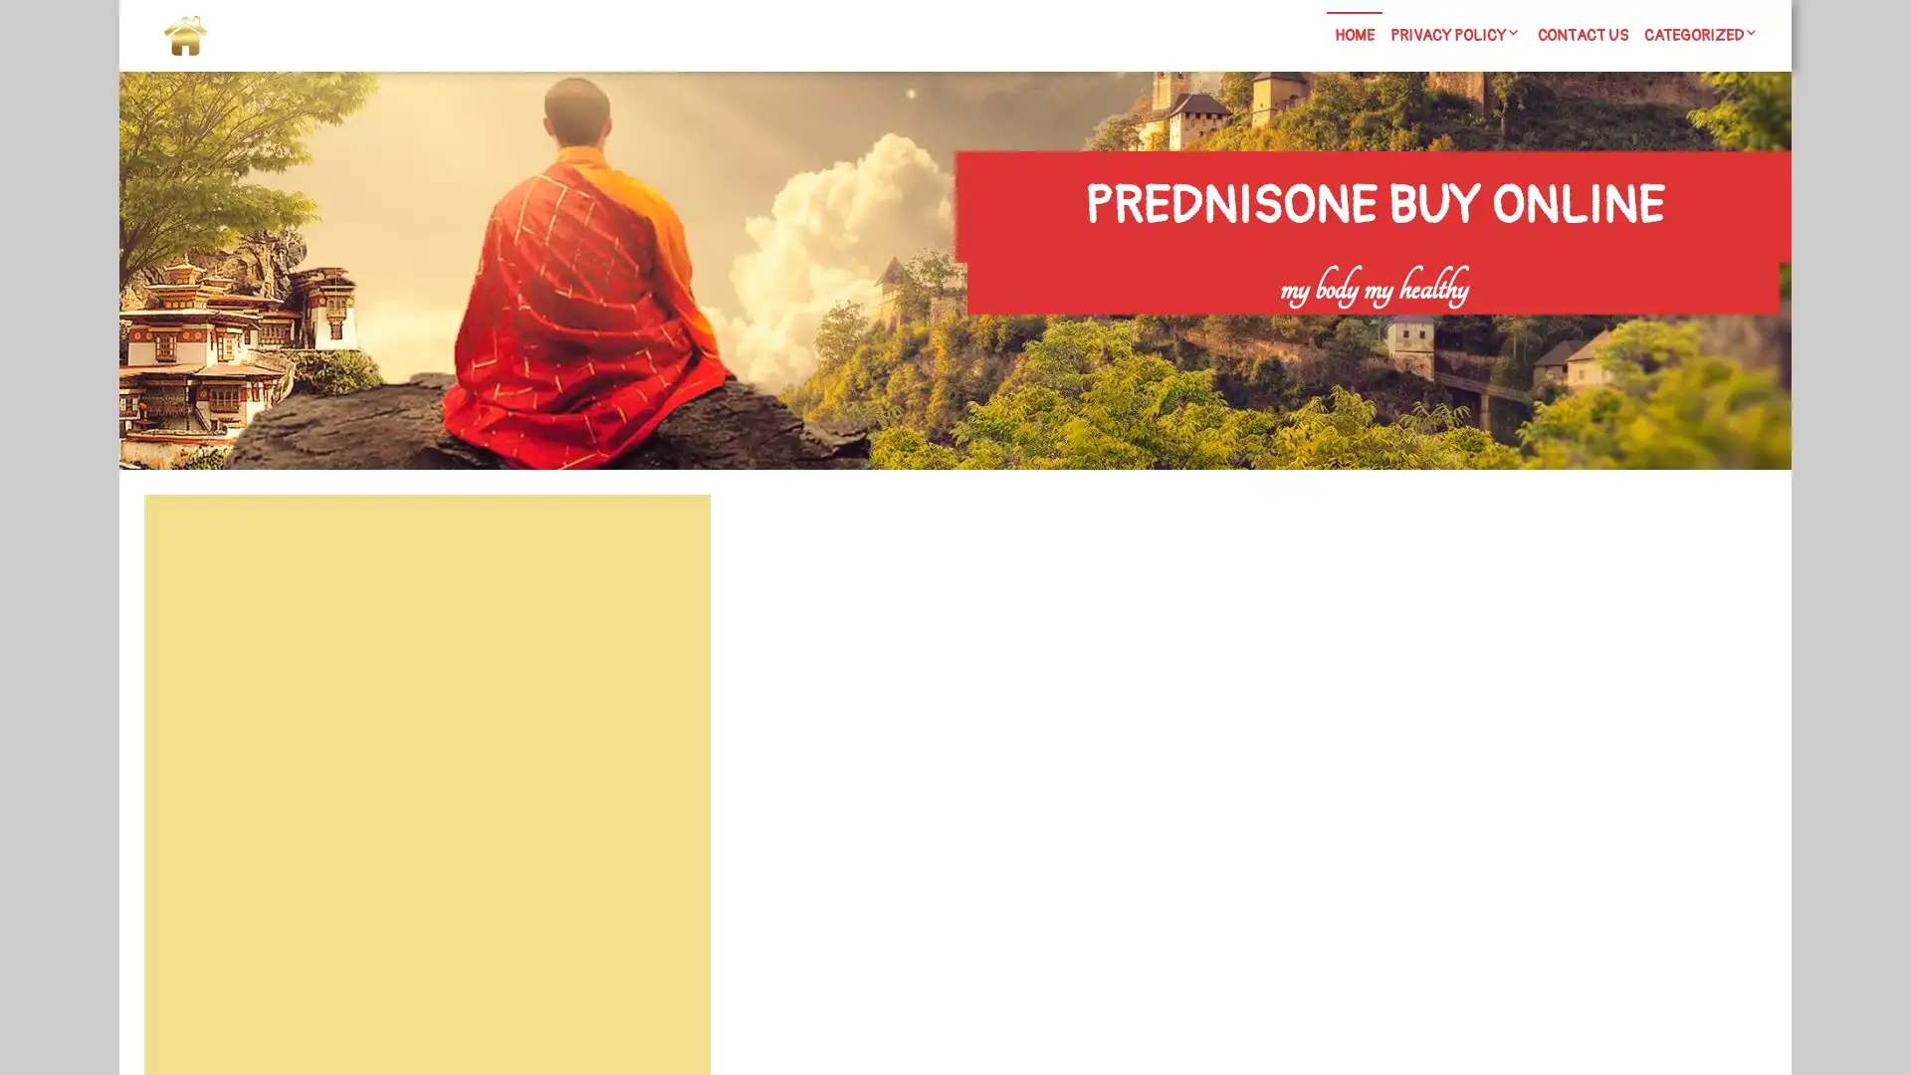  Describe the element at coordinates (664, 542) in the screenshot. I see `Search` at that location.